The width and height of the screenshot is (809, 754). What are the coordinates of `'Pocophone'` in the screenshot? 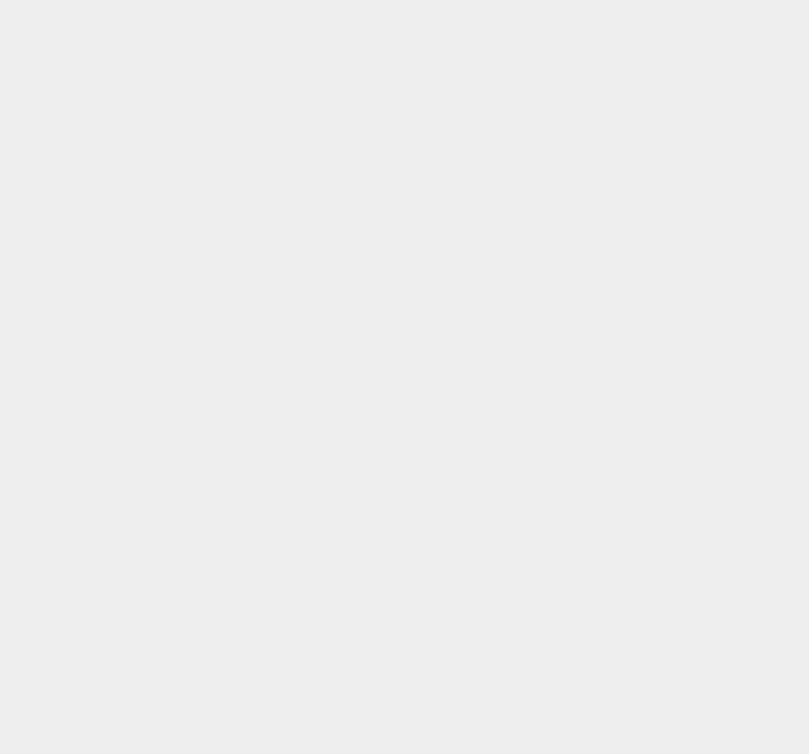 It's located at (596, 165).